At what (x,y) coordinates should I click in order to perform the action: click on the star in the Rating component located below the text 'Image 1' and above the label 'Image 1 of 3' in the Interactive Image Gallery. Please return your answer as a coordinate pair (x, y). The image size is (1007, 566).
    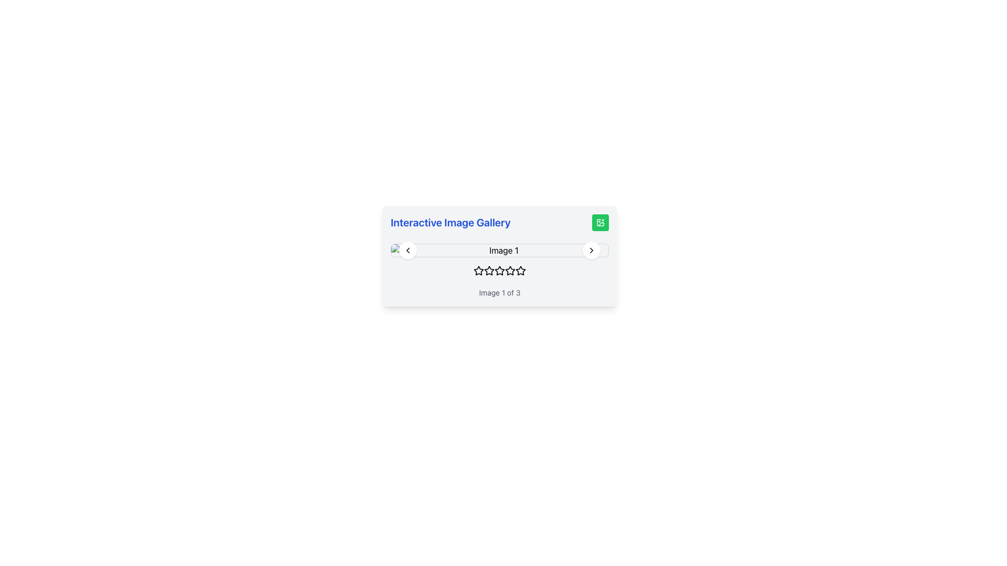
    Looking at the image, I should click on (499, 272).